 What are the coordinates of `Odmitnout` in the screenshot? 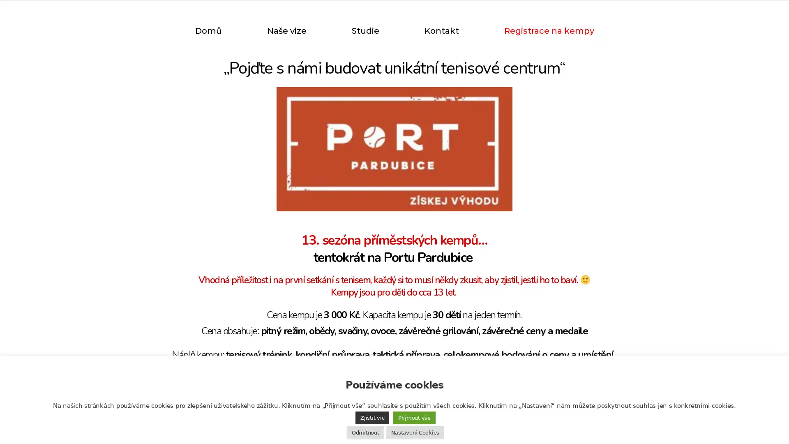 It's located at (365, 432).